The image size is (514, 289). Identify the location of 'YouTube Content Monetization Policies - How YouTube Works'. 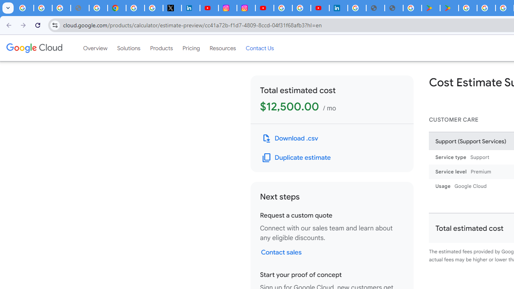
(209, 8).